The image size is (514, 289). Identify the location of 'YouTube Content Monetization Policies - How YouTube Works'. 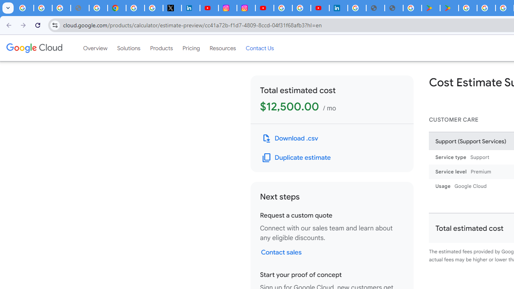
(209, 8).